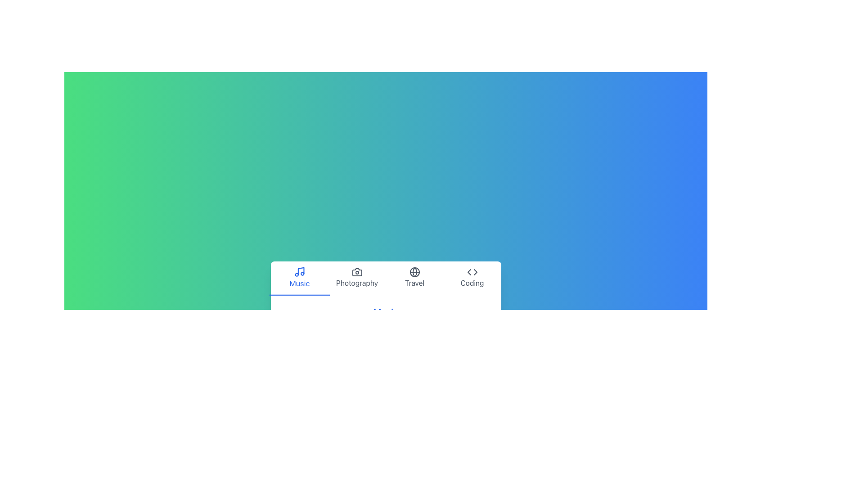 This screenshot has width=864, height=486. Describe the element at coordinates (414, 277) in the screenshot. I see `the 'Travel' button, which is a gray-themed button with a globe icon above the text 'Travel', located as the third item in a list of four sections (Music, Photography, Travel, Coding)` at that location.